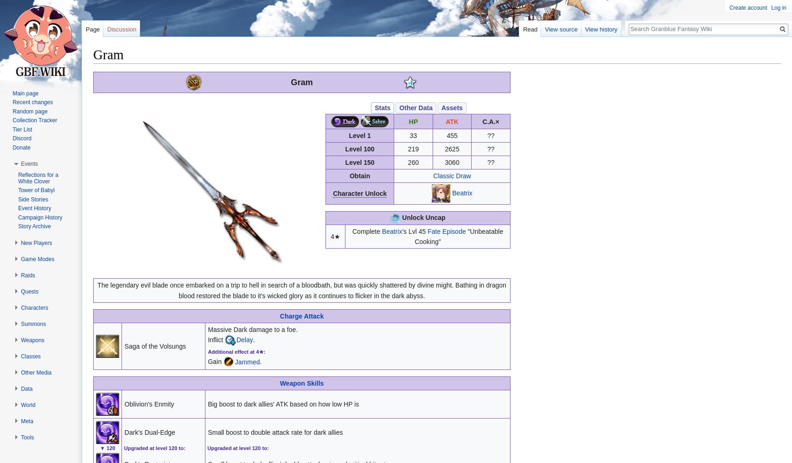 This screenshot has width=792, height=463. What do you see at coordinates (413, 135) in the screenshot?
I see `'33'` at bounding box center [413, 135].